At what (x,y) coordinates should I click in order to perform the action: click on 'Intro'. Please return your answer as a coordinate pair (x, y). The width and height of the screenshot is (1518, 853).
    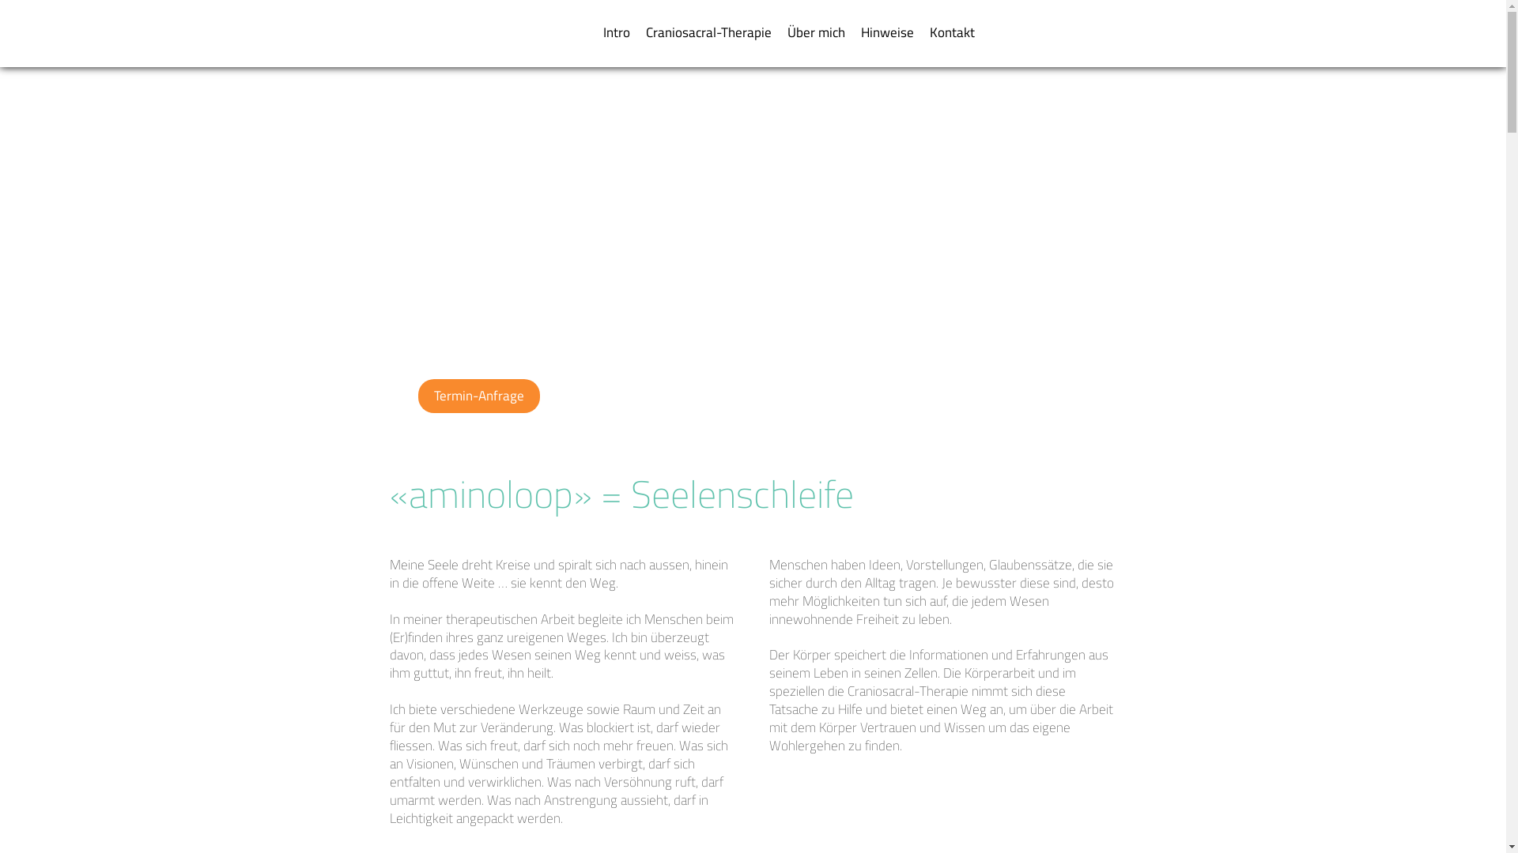
    Looking at the image, I should click on (614, 32).